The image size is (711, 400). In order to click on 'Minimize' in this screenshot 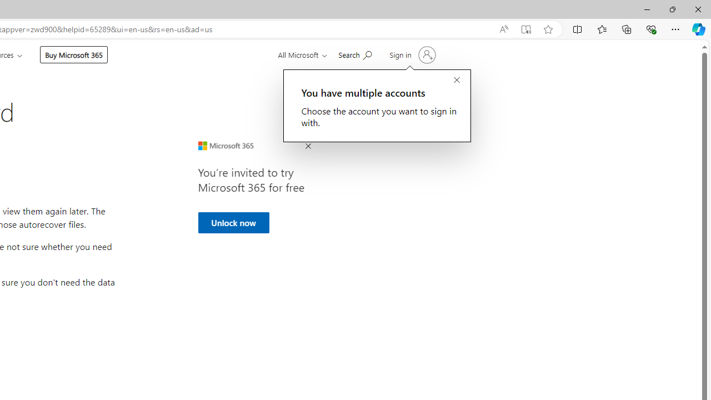, I will do `click(647, 9)`.